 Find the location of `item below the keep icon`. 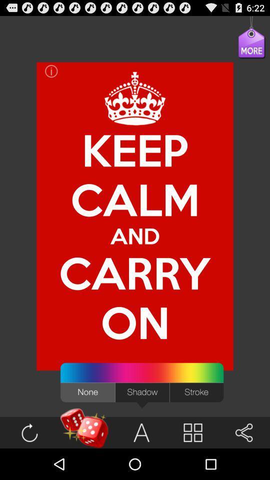

item below the keep icon is located at coordinates (135, 235).